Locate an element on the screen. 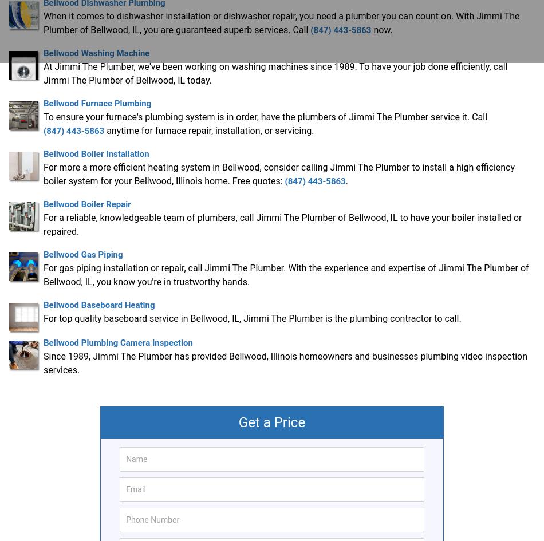  'Bellwood Plumbing Camera Inspection' is located at coordinates (117, 342).